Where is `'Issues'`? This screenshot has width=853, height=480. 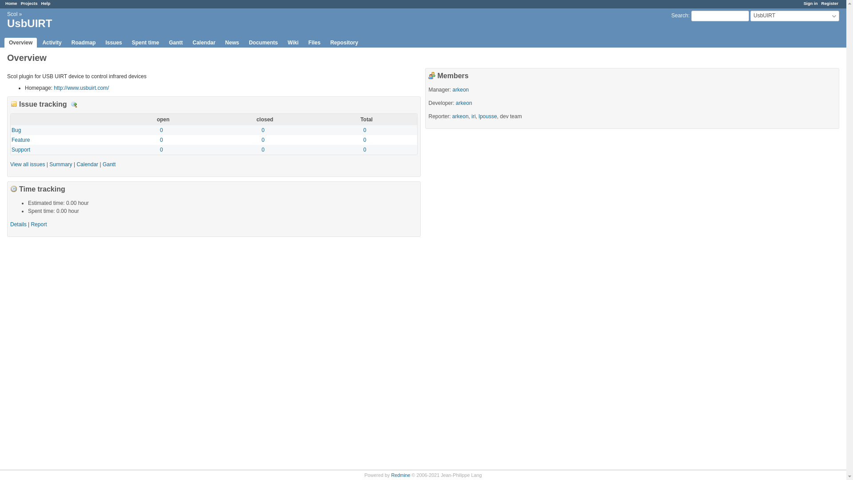
'Issues' is located at coordinates (113, 43).